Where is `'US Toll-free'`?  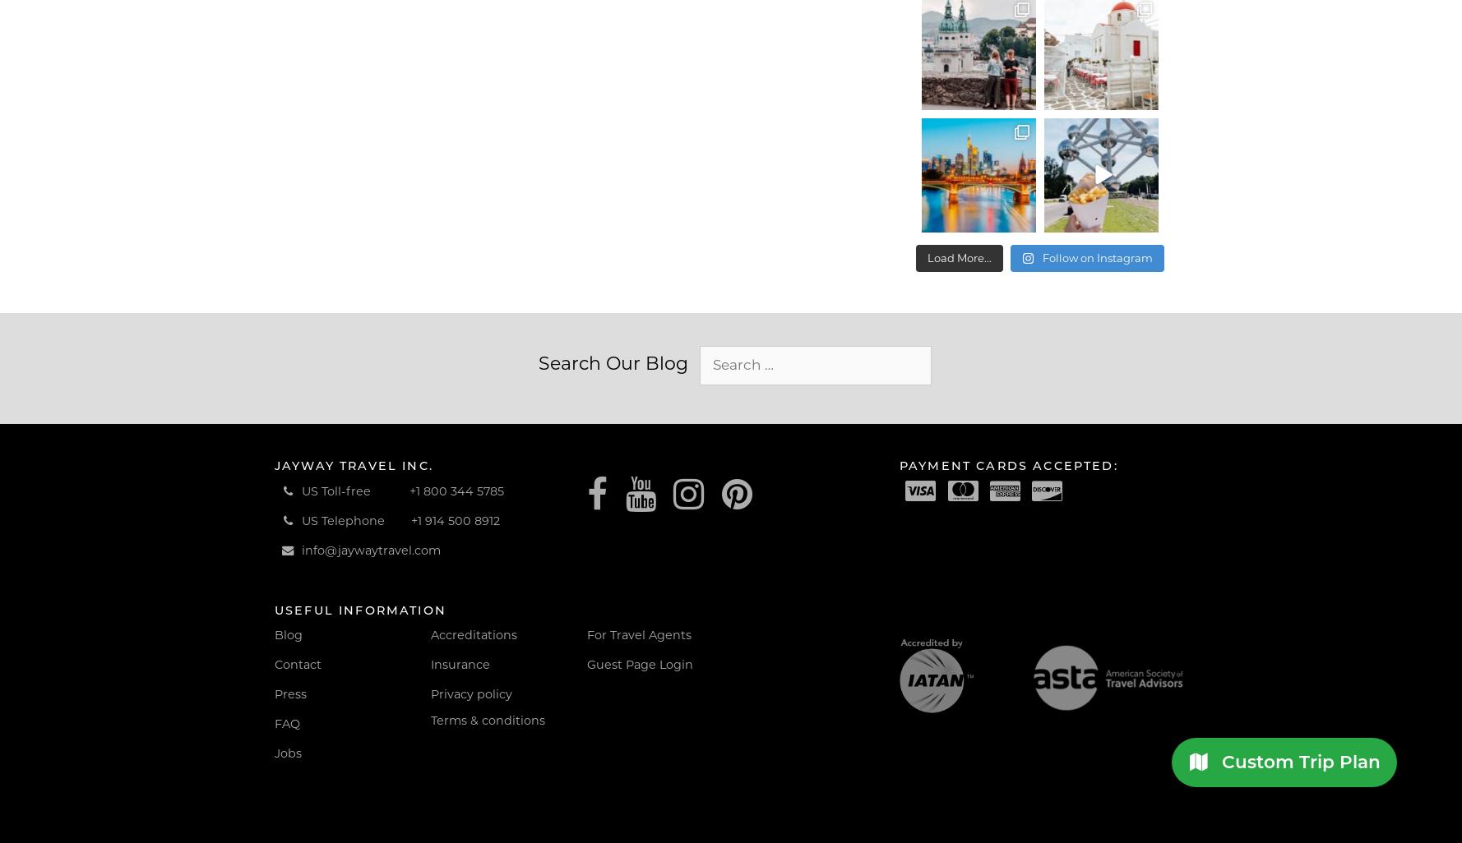
'US Toll-free' is located at coordinates (299, 490).